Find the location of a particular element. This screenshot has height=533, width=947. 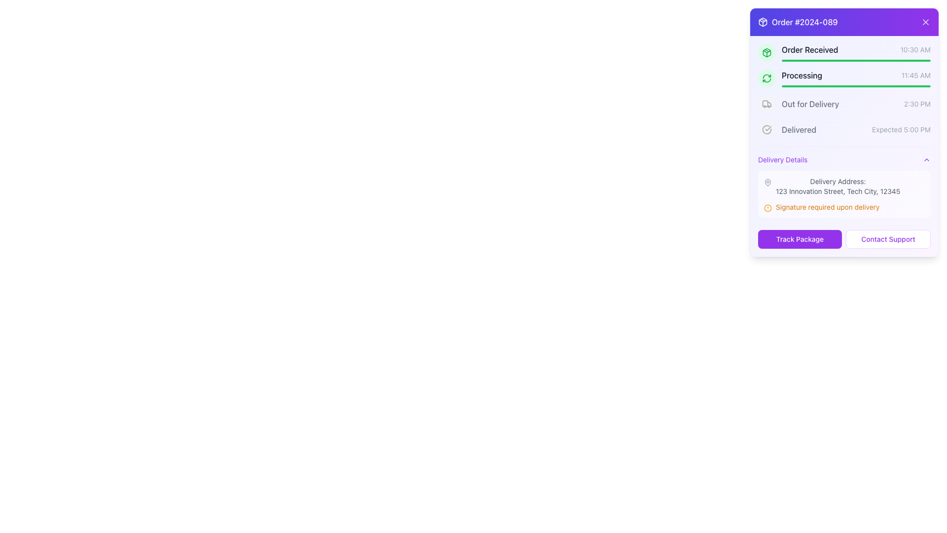

the status text label indicating that the order has been received, which is located at the first position in a vertical list within a sidebar or panel is located at coordinates (810, 49).